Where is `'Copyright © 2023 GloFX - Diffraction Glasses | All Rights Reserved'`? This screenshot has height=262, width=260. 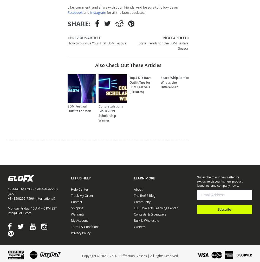 'Copyright © 2023 GloFX - Diffraction Glasses | All Rights Reserved' is located at coordinates (130, 255).